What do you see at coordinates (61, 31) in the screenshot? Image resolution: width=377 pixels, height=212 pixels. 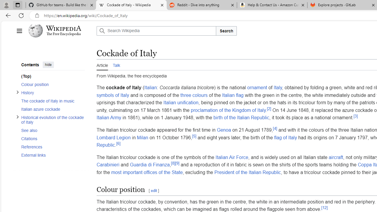 I see `'Wikipedia The Free Encyclopedia'` at bounding box center [61, 31].